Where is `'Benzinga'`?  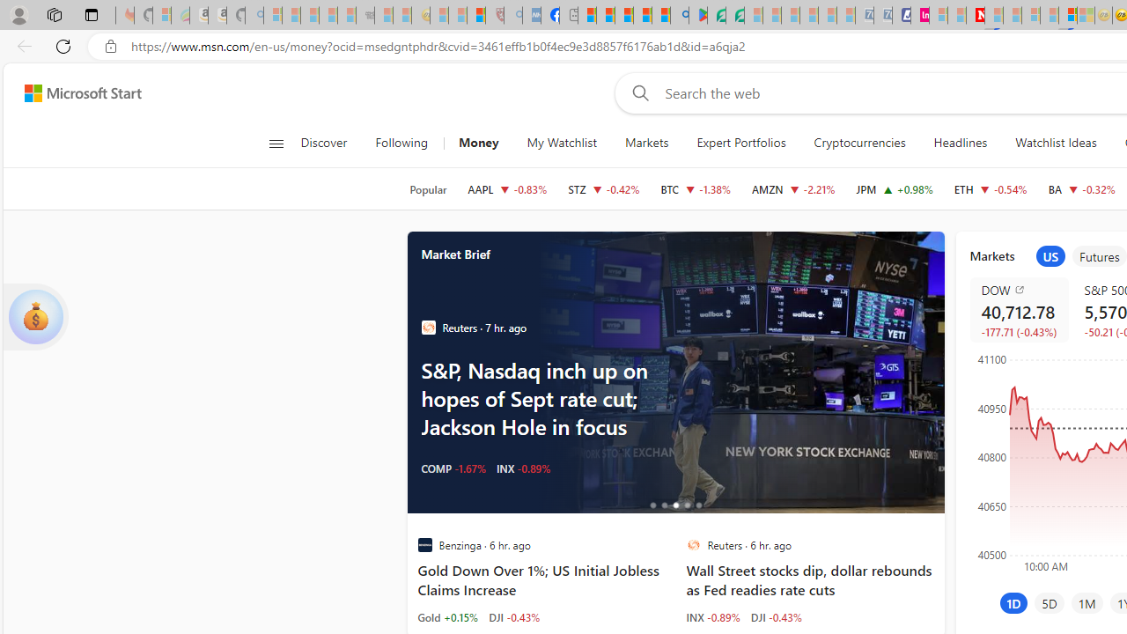
'Benzinga' is located at coordinates (424, 544).